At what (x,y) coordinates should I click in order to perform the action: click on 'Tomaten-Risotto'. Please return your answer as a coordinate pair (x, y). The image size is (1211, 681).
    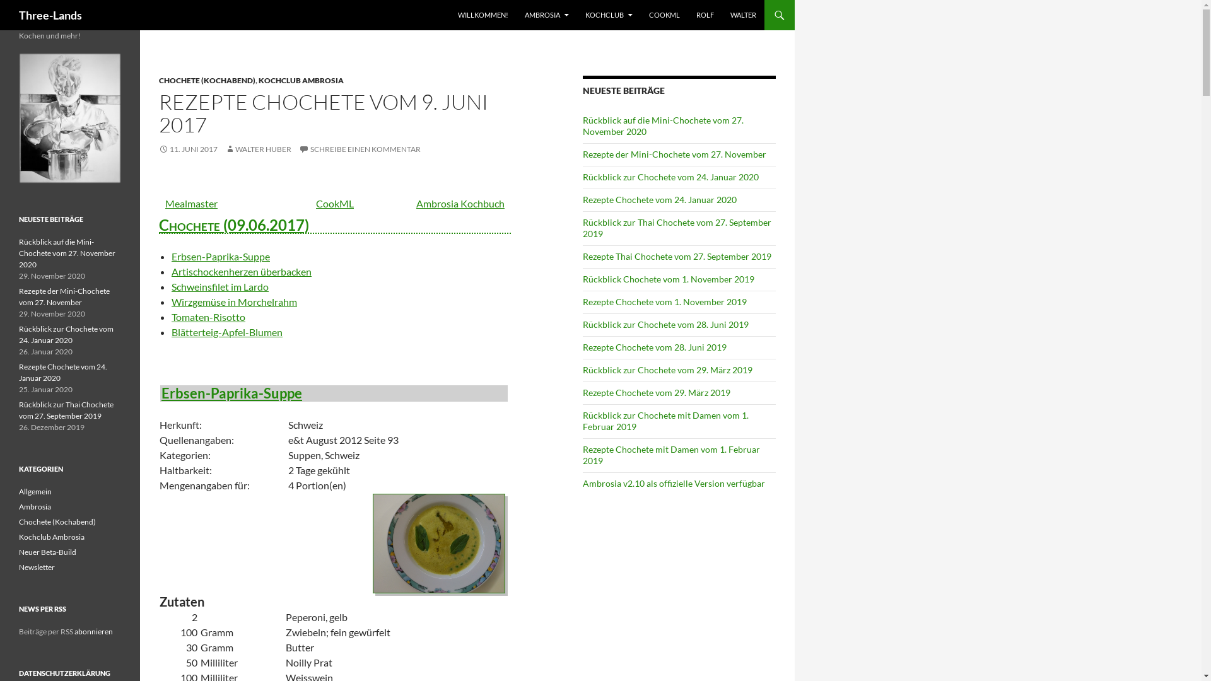
    Looking at the image, I should click on (171, 316).